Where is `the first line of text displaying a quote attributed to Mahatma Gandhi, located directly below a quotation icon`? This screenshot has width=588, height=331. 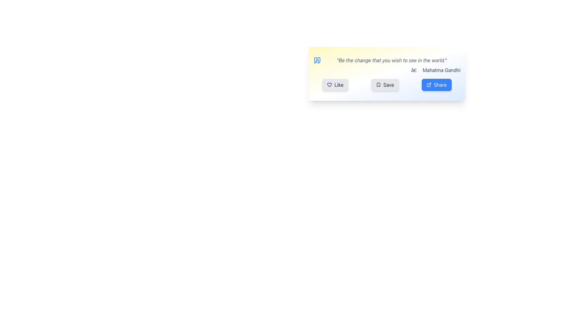
the first line of text displaying a quote attributed to Mahatma Gandhi, located directly below a quotation icon is located at coordinates (386, 60).